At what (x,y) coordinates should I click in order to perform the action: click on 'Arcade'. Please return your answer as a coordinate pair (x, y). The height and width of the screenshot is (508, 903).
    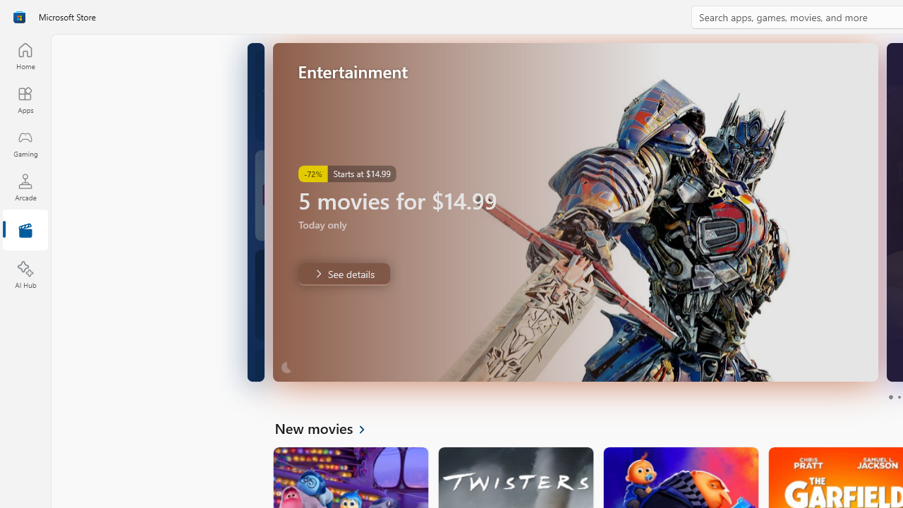
    Looking at the image, I should click on (25, 186).